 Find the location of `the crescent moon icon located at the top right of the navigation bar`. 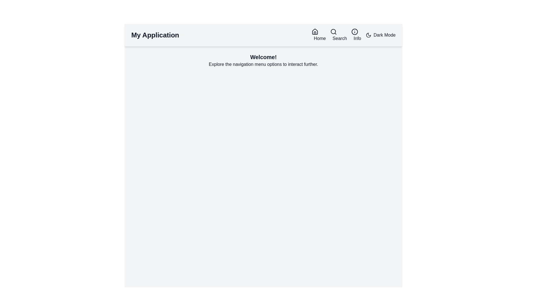

the crescent moon icon located at the top right of the navigation bar is located at coordinates (368, 35).